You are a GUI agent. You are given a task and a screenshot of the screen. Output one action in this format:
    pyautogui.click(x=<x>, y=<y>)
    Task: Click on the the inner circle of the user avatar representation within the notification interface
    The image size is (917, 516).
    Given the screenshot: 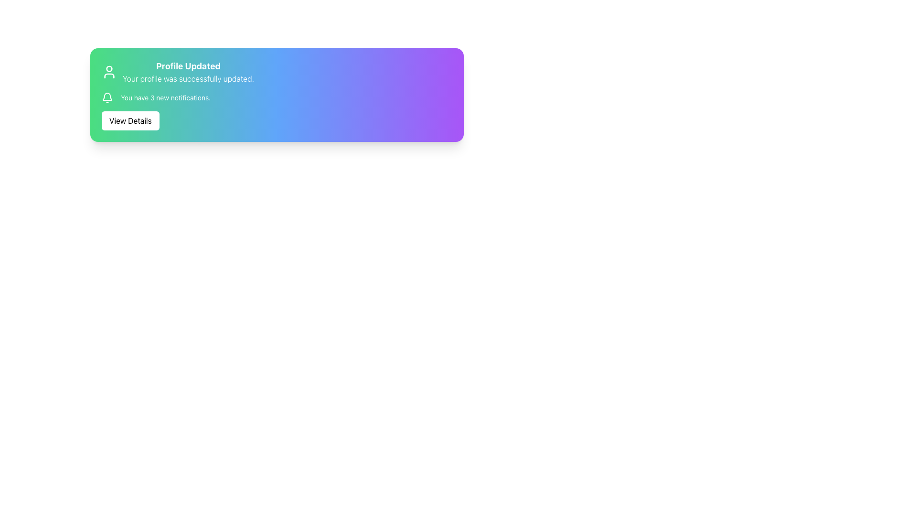 What is the action you would take?
    pyautogui.click(x=109, y=68)
    